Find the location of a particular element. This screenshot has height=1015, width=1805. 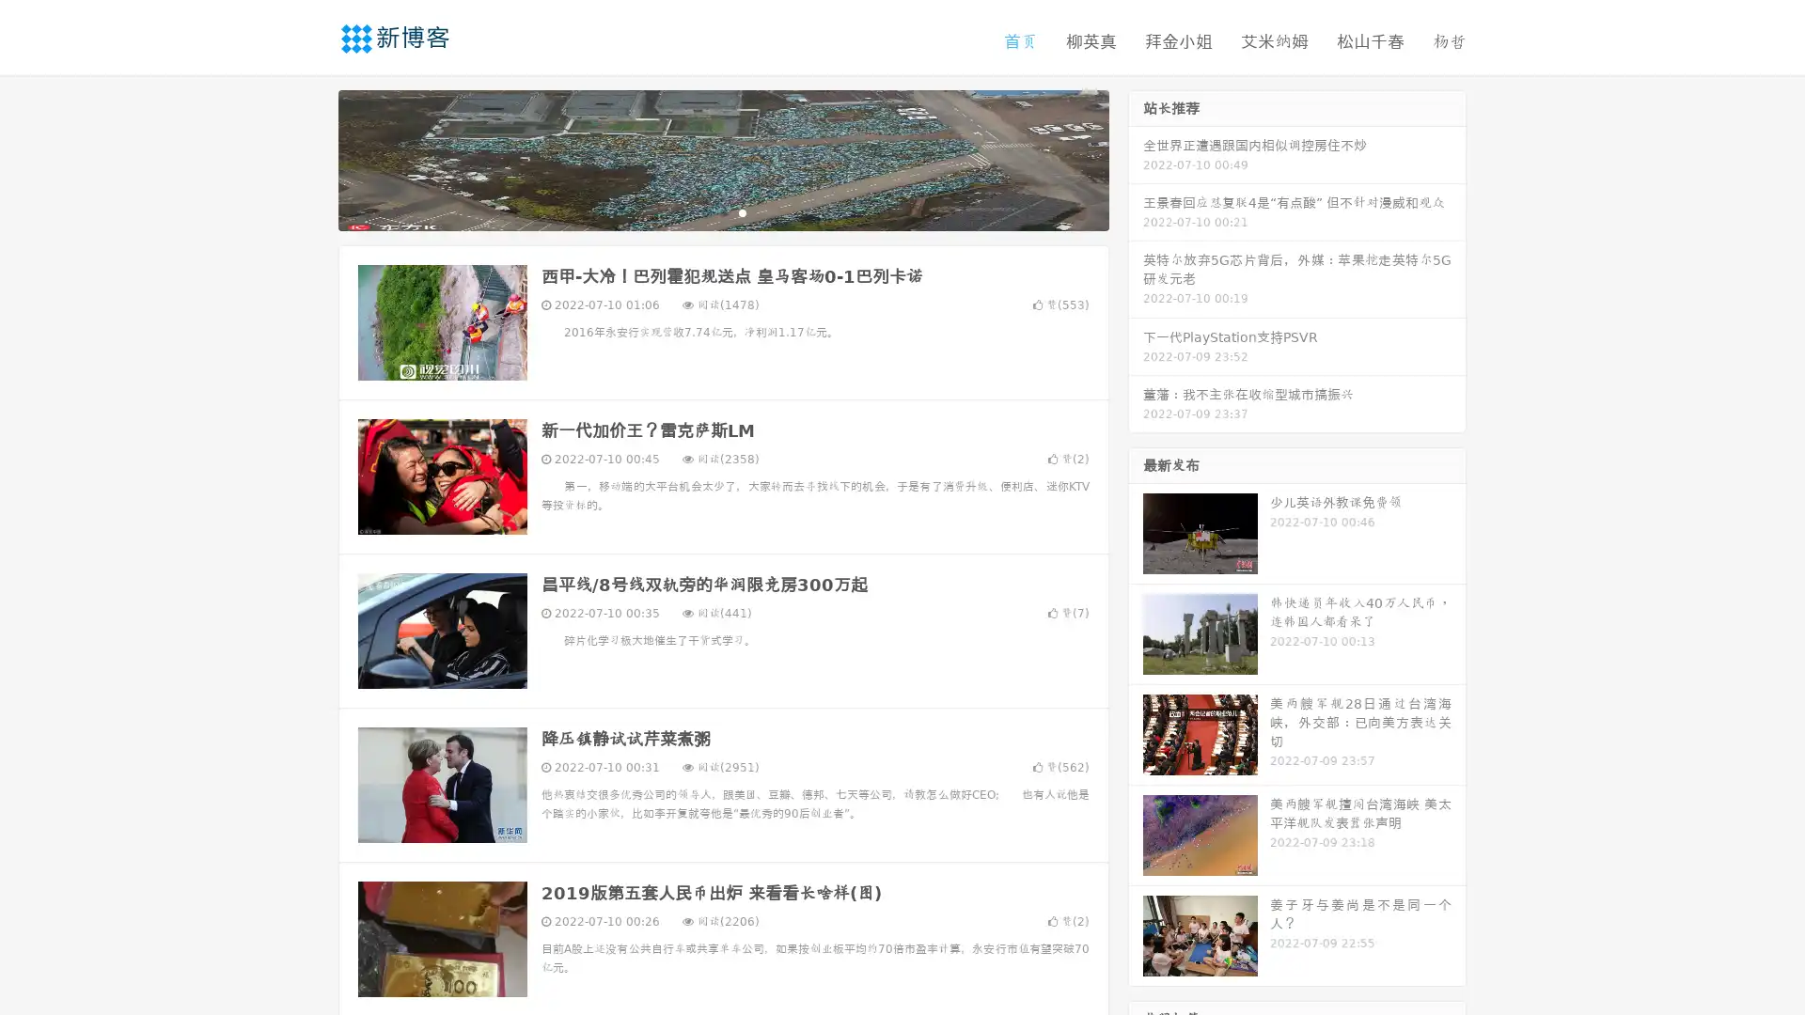

Go to slide 2 is located at coordinates (722, 211).